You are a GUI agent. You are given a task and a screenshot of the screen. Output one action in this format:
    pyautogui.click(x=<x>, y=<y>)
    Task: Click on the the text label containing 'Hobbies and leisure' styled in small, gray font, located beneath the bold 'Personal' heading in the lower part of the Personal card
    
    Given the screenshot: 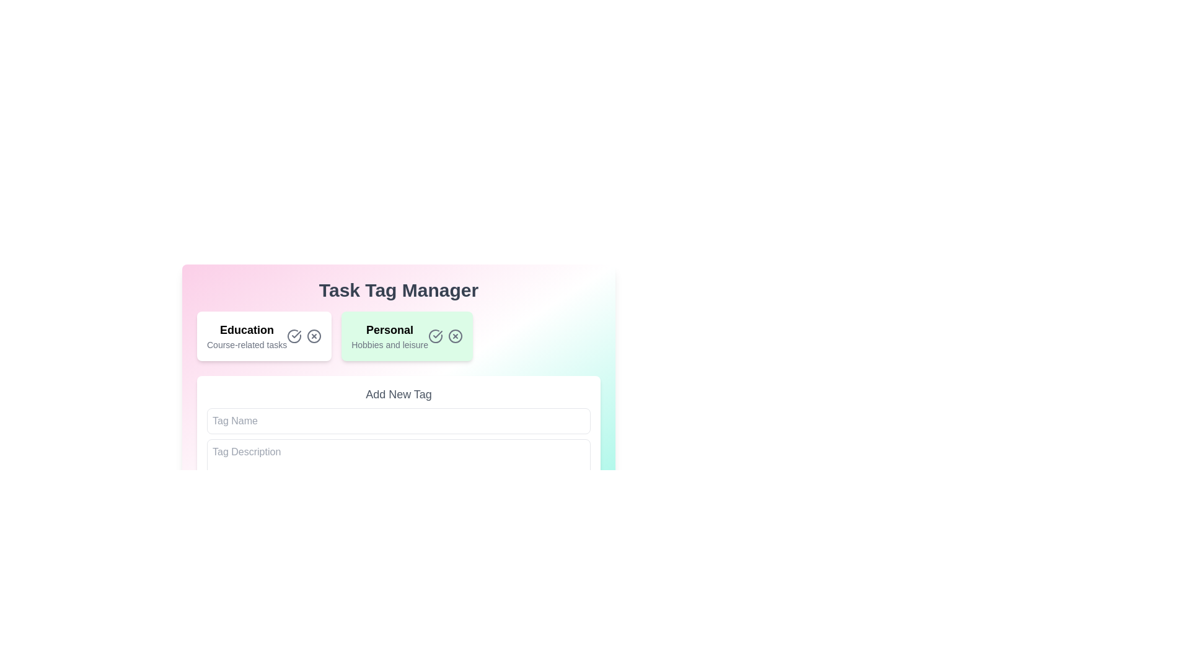 What is the action you would take?
    pyautogui.click(x=389, y=344)
    